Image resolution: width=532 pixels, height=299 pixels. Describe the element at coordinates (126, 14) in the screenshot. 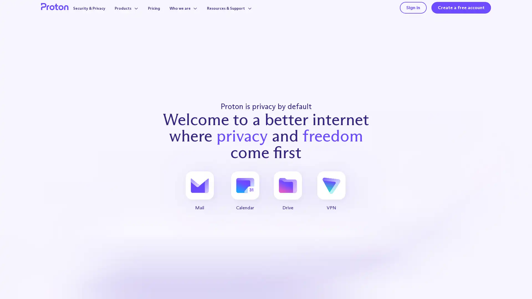

I see `Products` at that location.